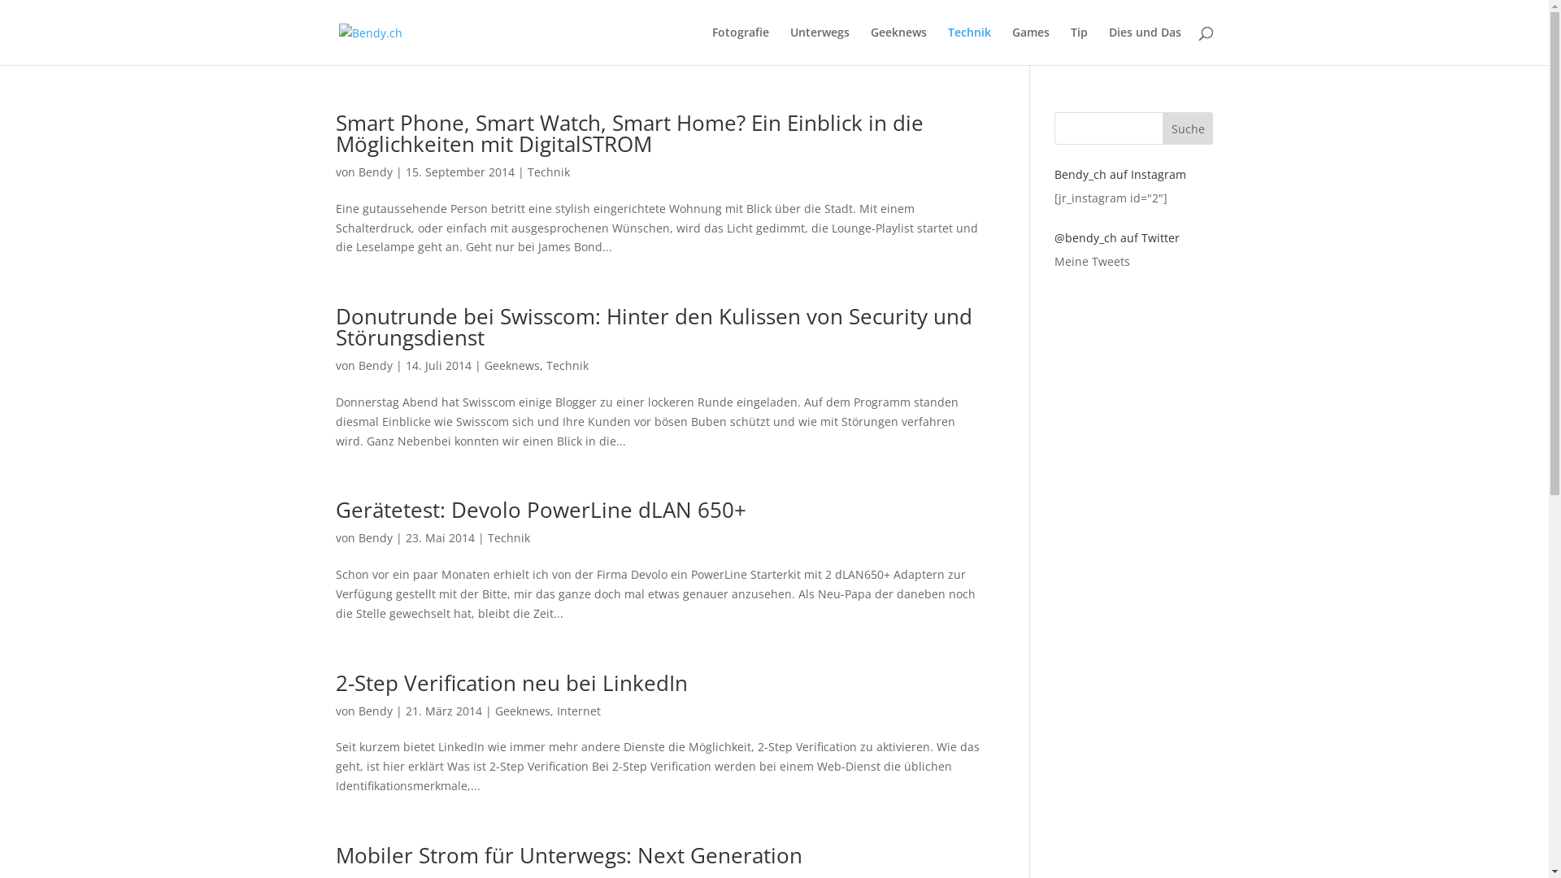 This screenshot has width=1561, height=878. I want to click on 'Geeknews', so click(522, 710).